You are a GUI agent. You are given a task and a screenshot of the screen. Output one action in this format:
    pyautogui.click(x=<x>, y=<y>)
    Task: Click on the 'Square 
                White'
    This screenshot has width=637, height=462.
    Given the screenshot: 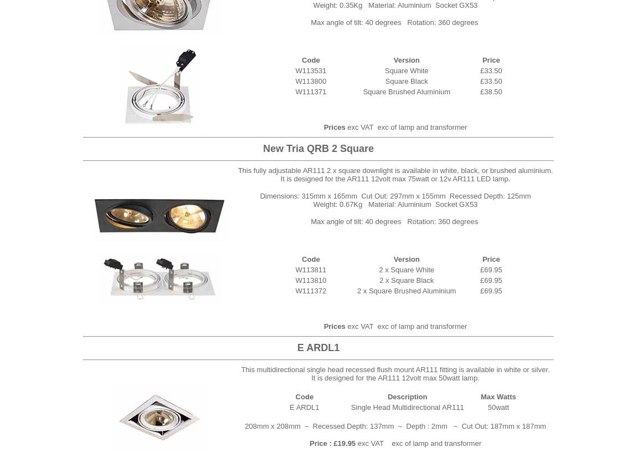 What is the action you would take?
    pyautogui.click(x=405, y=70)
    